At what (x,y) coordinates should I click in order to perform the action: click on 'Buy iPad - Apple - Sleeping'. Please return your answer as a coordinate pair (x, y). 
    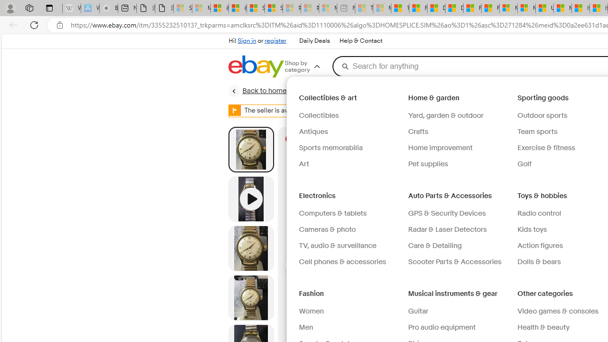
    Looking at the image, I should click on (109, 8).